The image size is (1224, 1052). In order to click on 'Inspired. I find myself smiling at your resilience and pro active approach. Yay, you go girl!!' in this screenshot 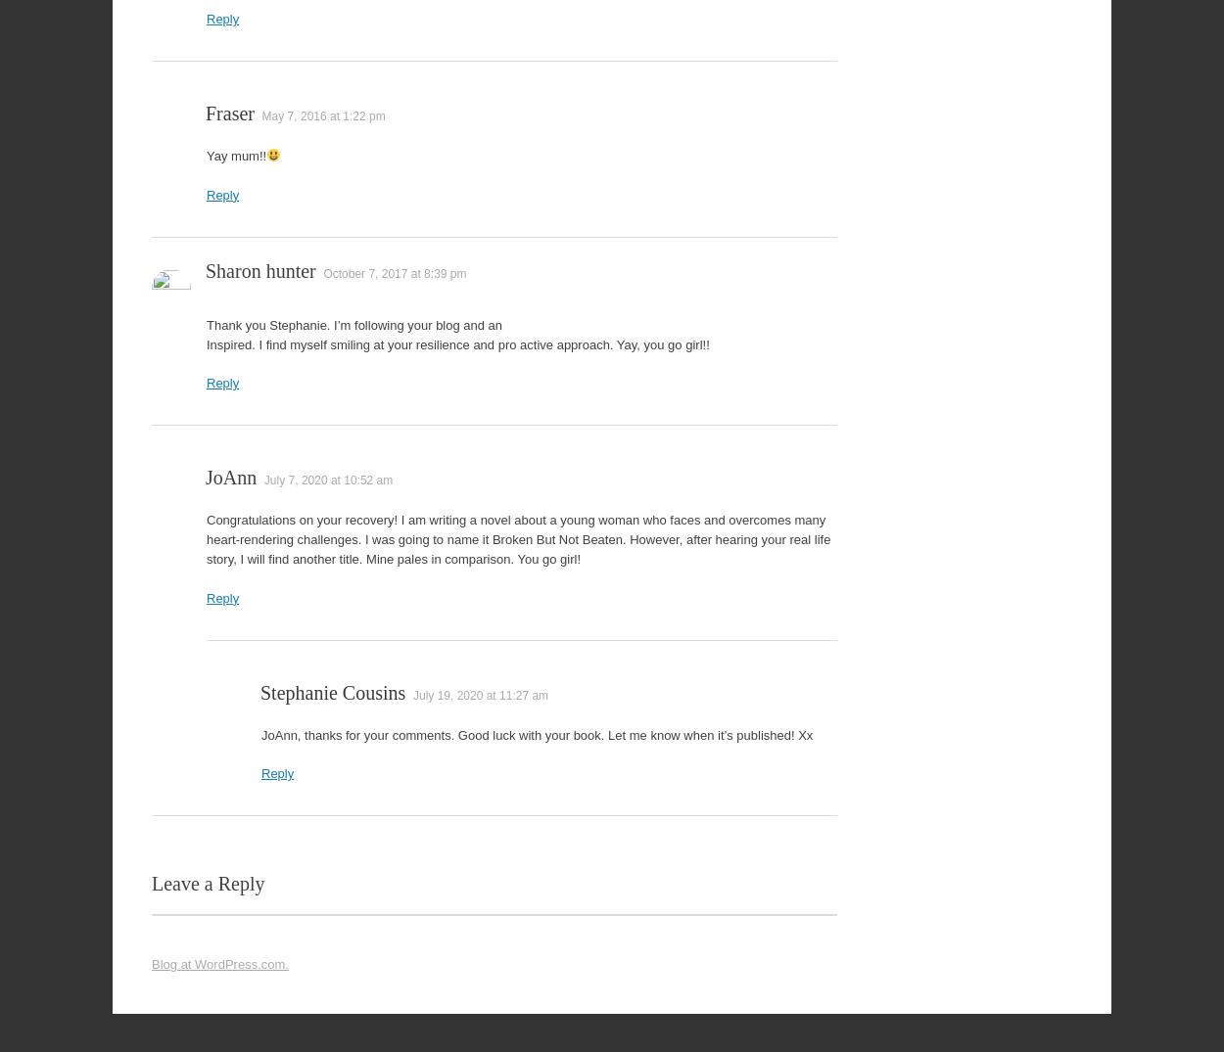, I will do `click(456, 343)`.